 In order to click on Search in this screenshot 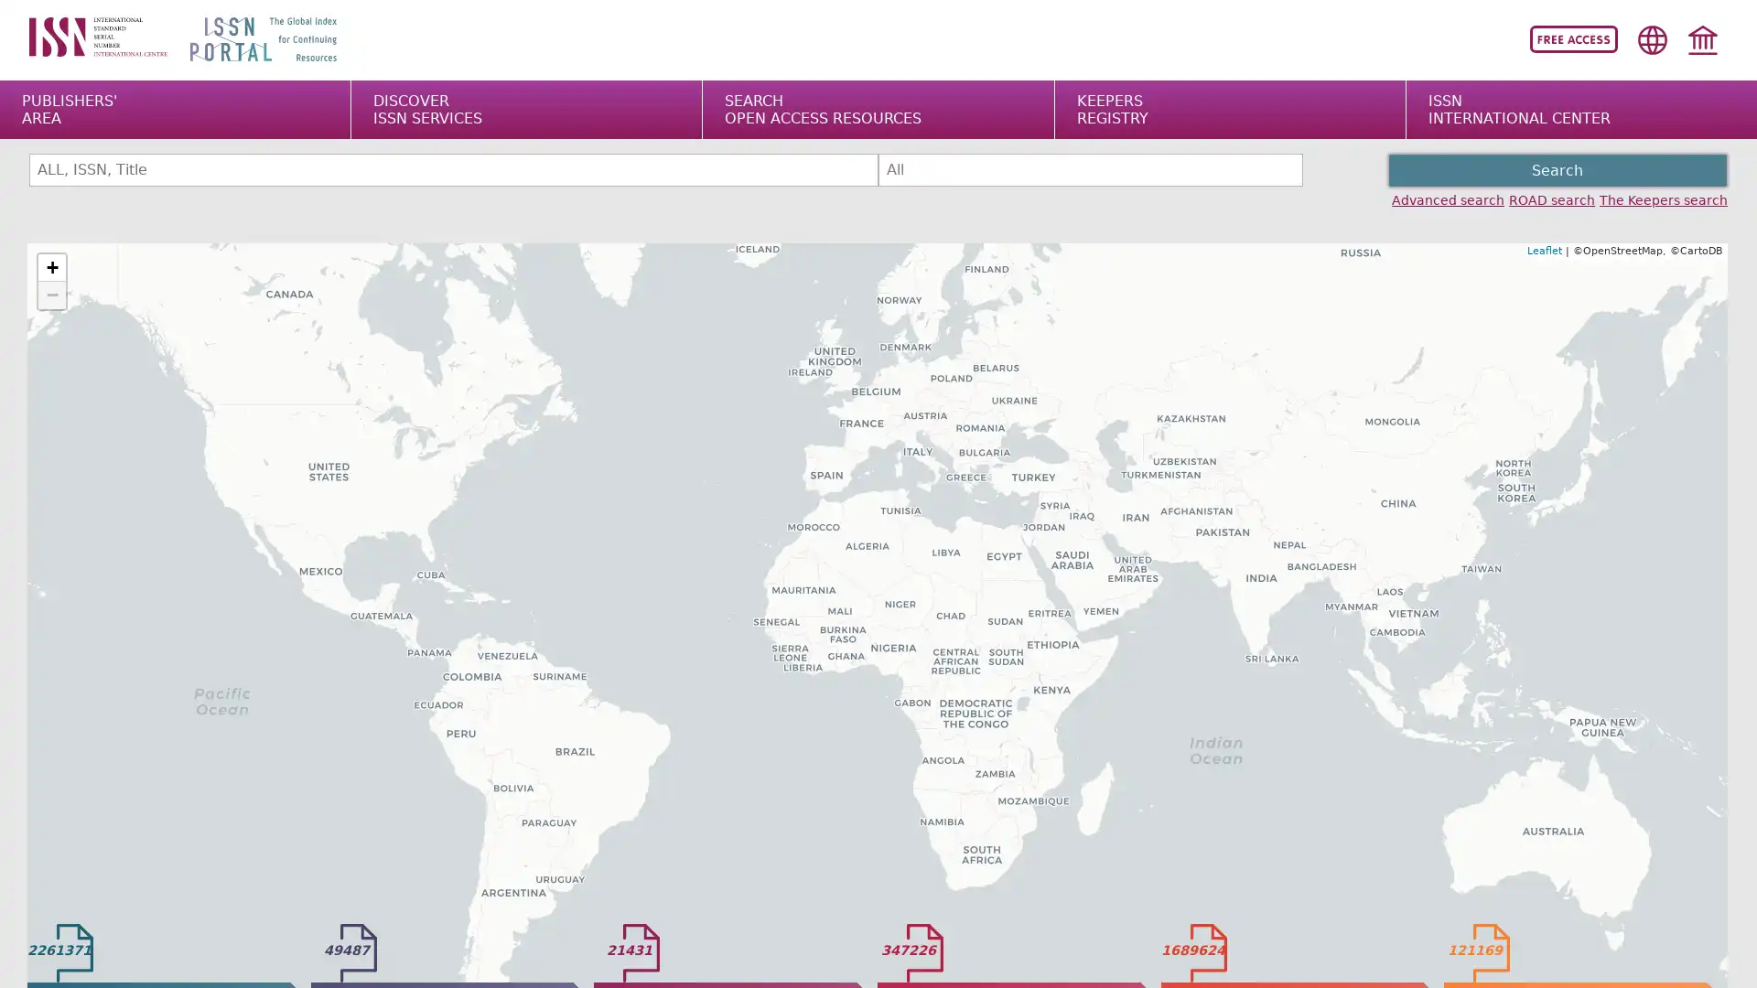, I will do `click(1557, 170)`.